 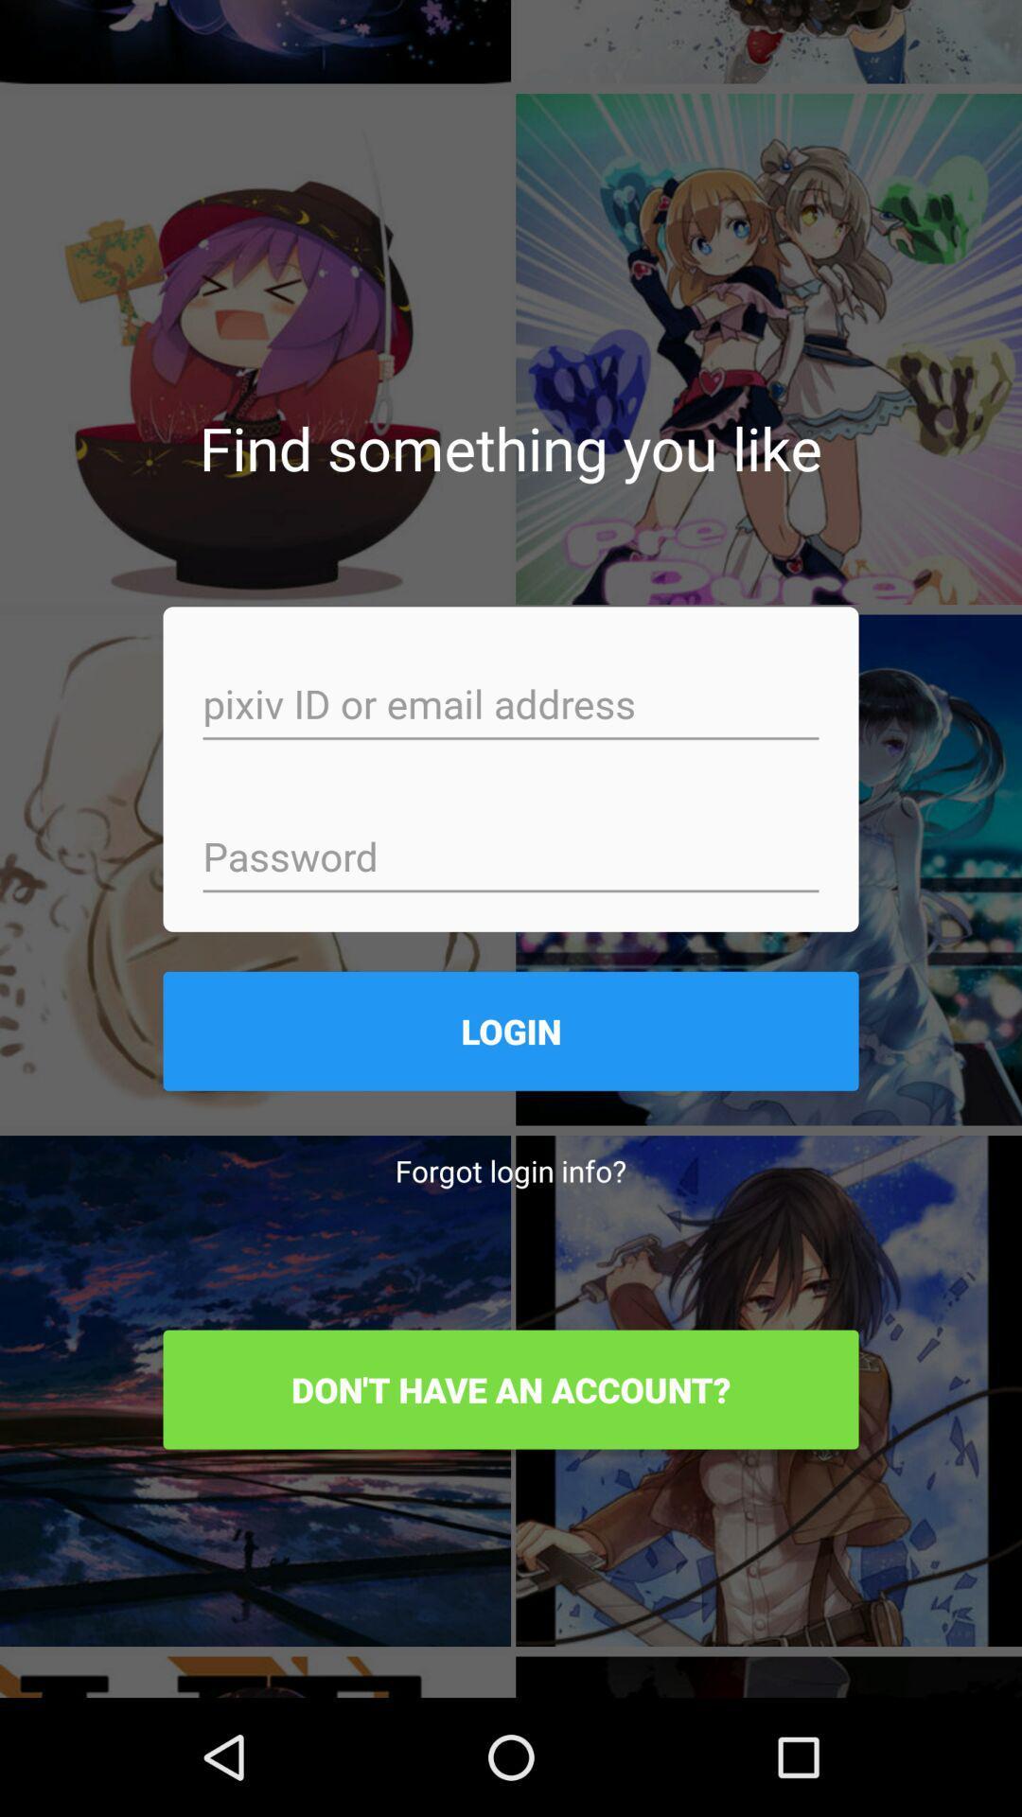 I want to click on the icon above don t have, so click(x=511, y=1170).